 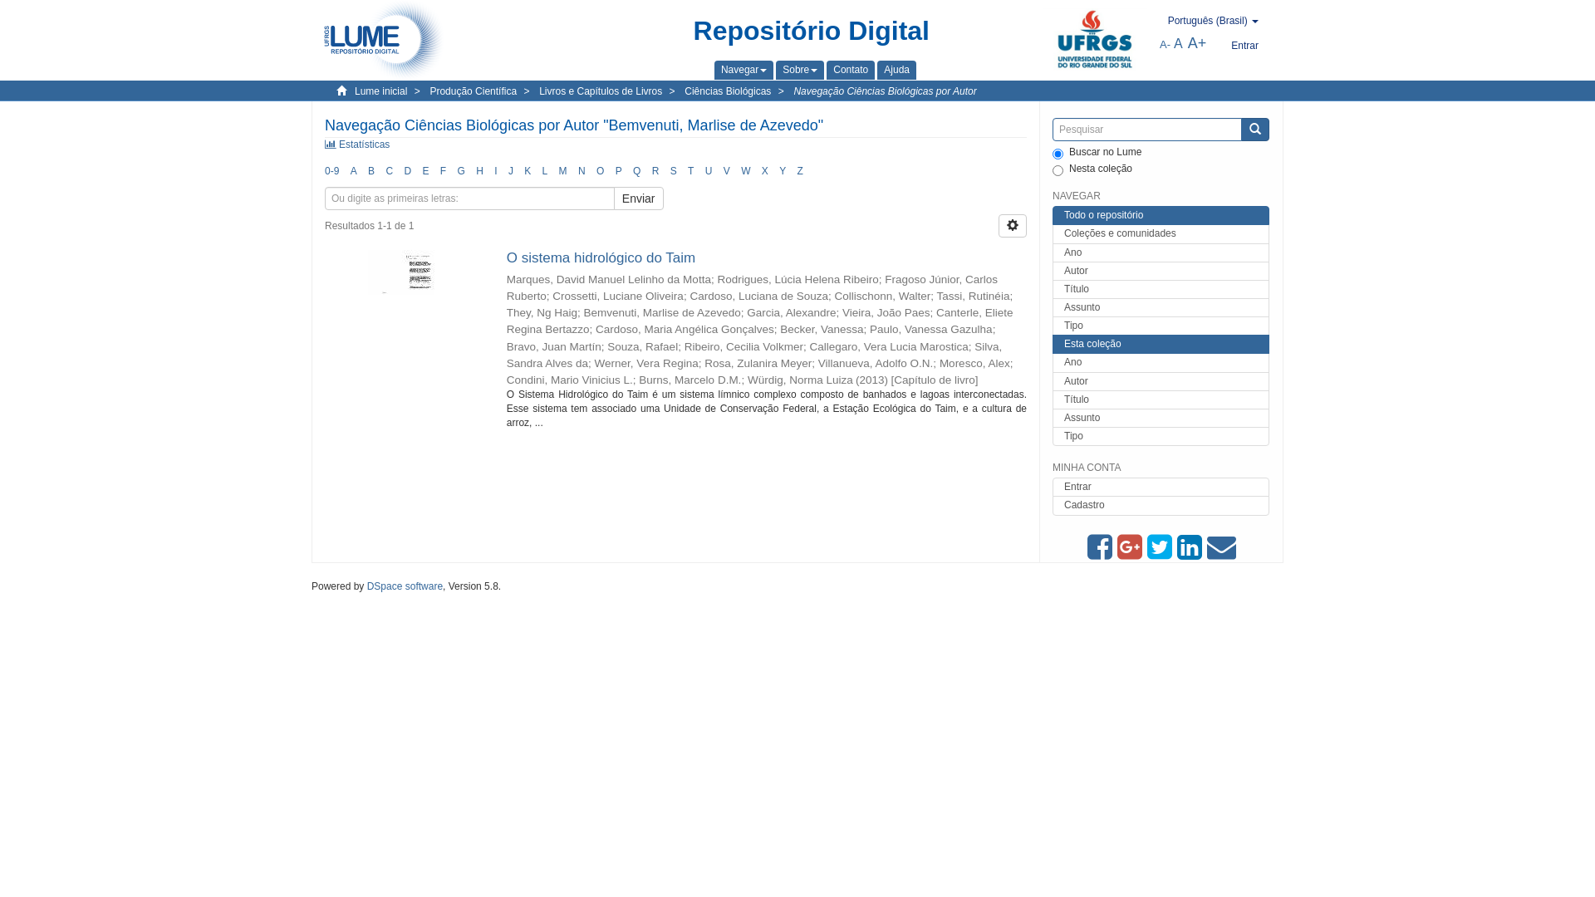 I want to click on 'N', so click(x=582, y=170).